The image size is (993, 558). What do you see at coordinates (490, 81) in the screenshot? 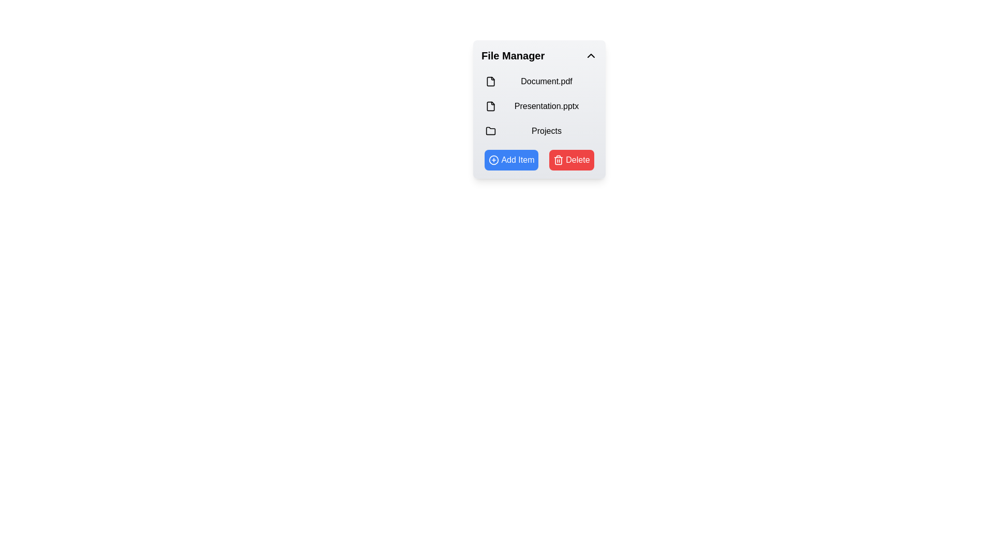
I see `the document file type icon located at the top of the file manager section, directly to the left of the text 'Document.pdf'` at bounding box center [490, 81].